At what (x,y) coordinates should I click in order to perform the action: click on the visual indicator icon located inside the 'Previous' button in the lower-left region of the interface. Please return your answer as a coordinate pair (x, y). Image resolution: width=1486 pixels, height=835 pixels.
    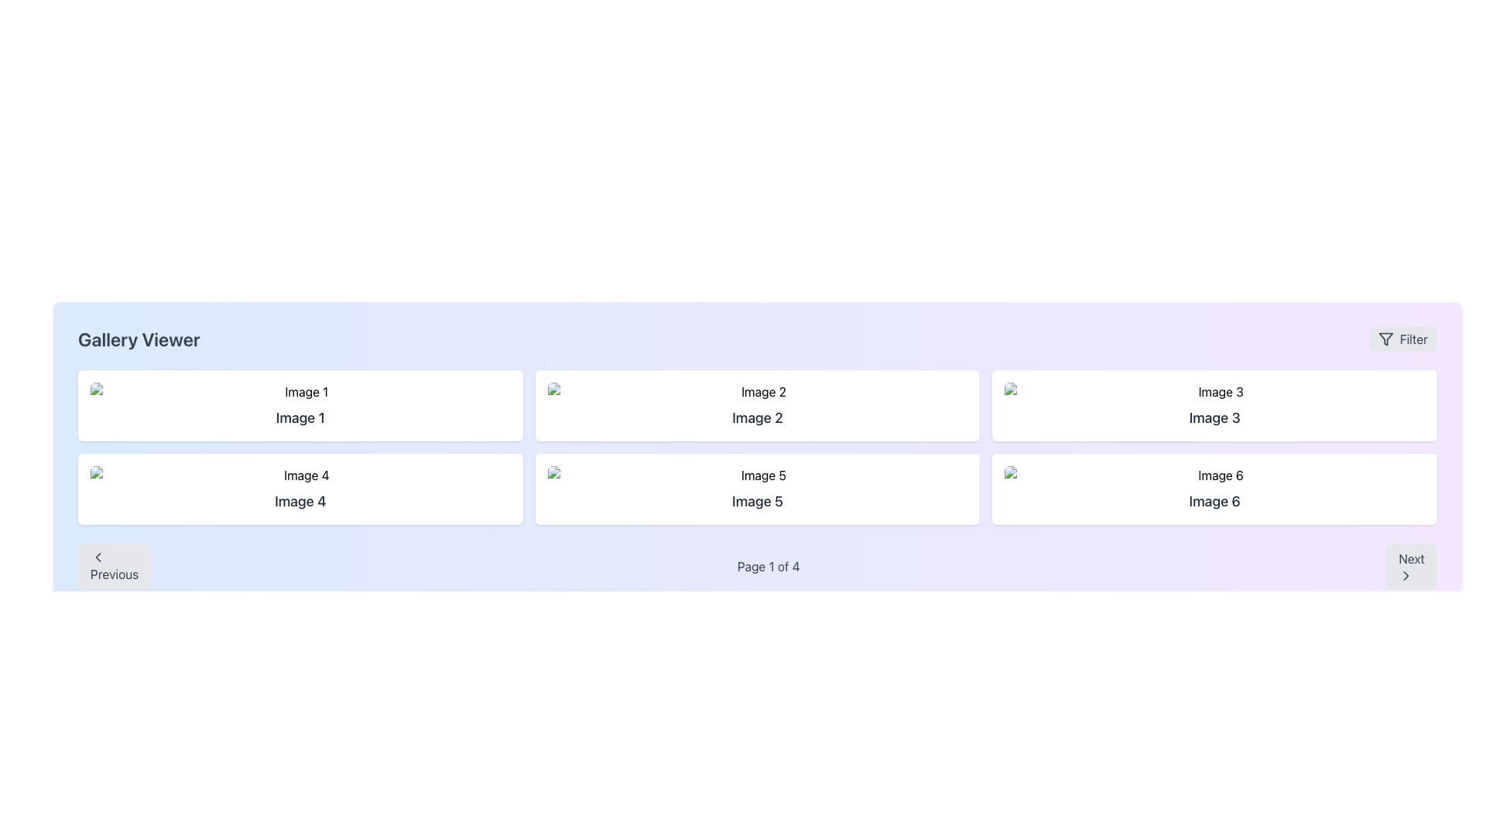
    Looking at the image, I should click on (97, 557).